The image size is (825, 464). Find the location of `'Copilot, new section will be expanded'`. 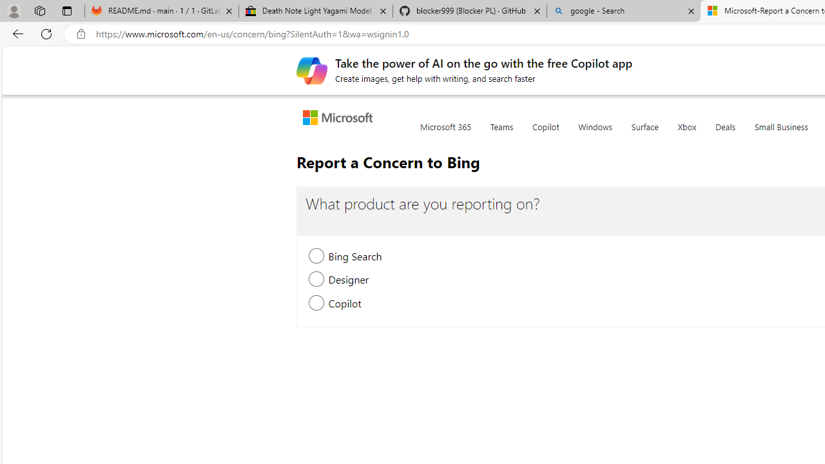

'Copilot, new section will be expanded' is located at coordinates (316, 304).